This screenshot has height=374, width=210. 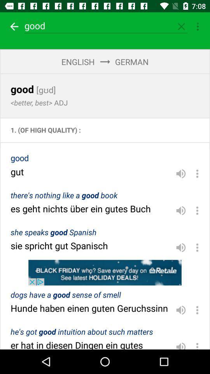 I want to click on sound, so click(x=181, y=173).